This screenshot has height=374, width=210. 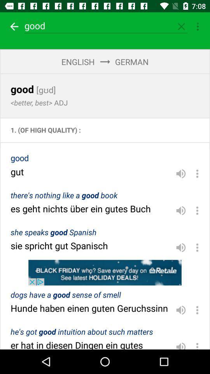 I want to click on sound, so click(x=181, y=173).